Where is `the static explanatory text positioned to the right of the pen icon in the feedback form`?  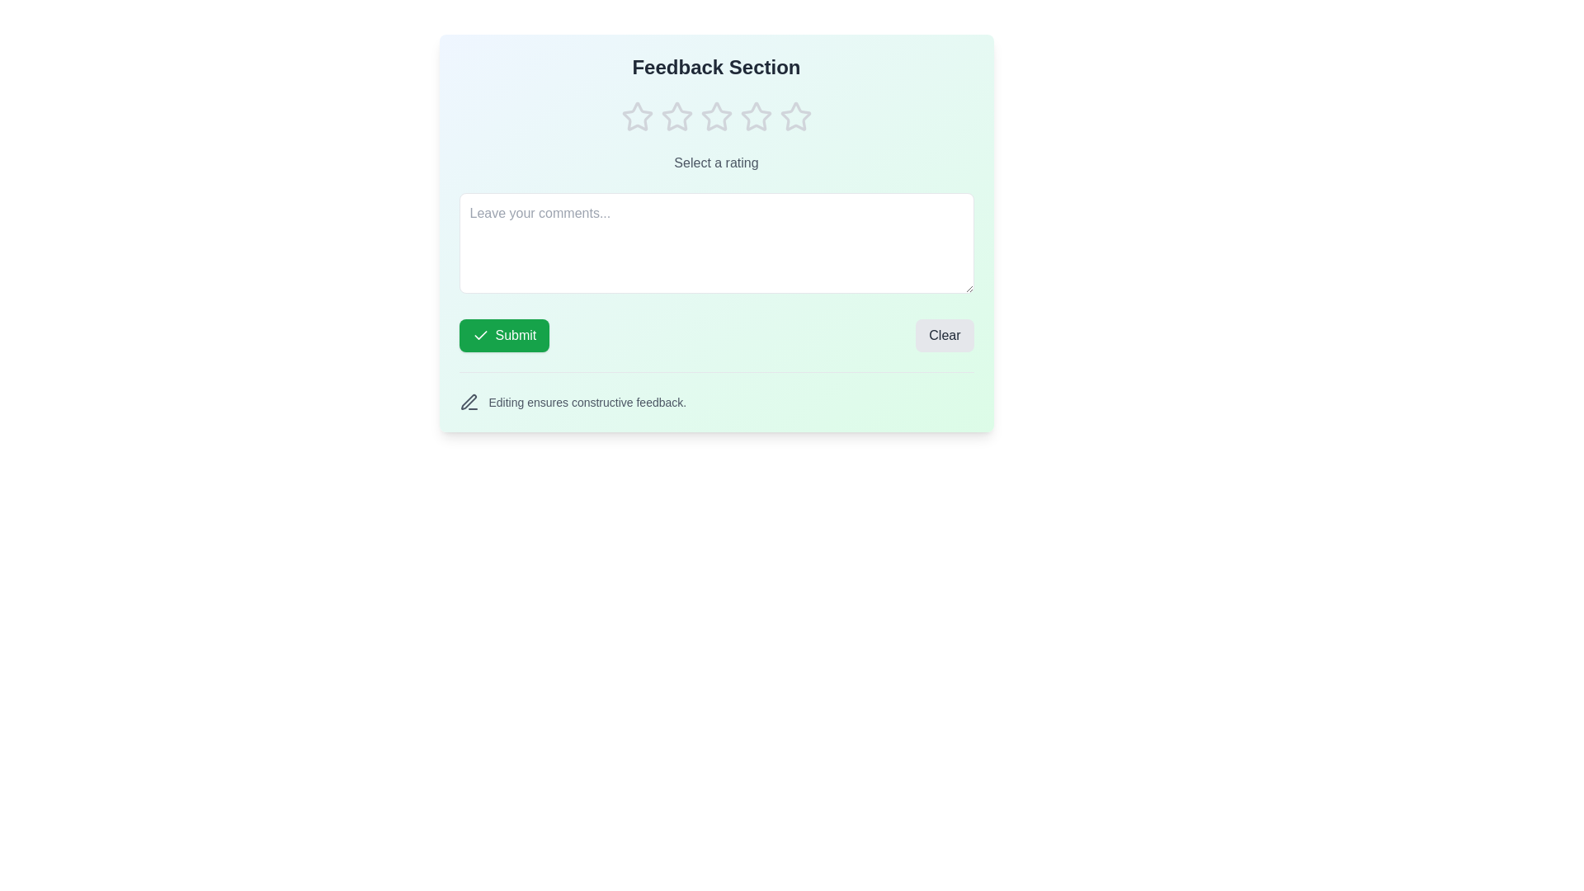 the static explanatory text positioned to the right of the pen icon in the feedback form is located at coordinates (587, 403).